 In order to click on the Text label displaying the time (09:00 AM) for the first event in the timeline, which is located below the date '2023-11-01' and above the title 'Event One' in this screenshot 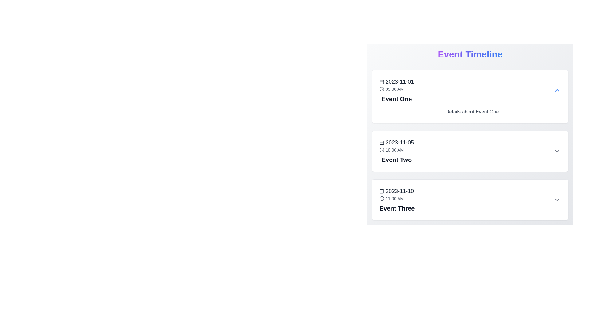, I will do `click(397, 89)`.